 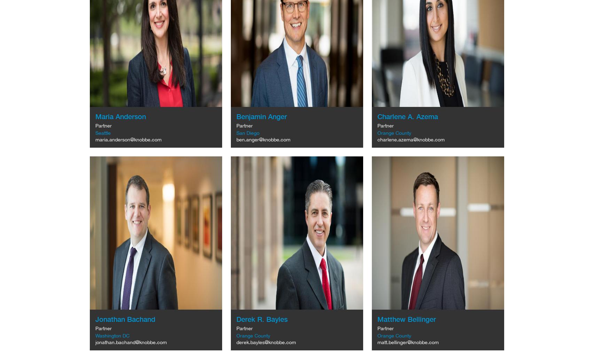 I want to click on 'Seattle', so click(x=103, y=133).